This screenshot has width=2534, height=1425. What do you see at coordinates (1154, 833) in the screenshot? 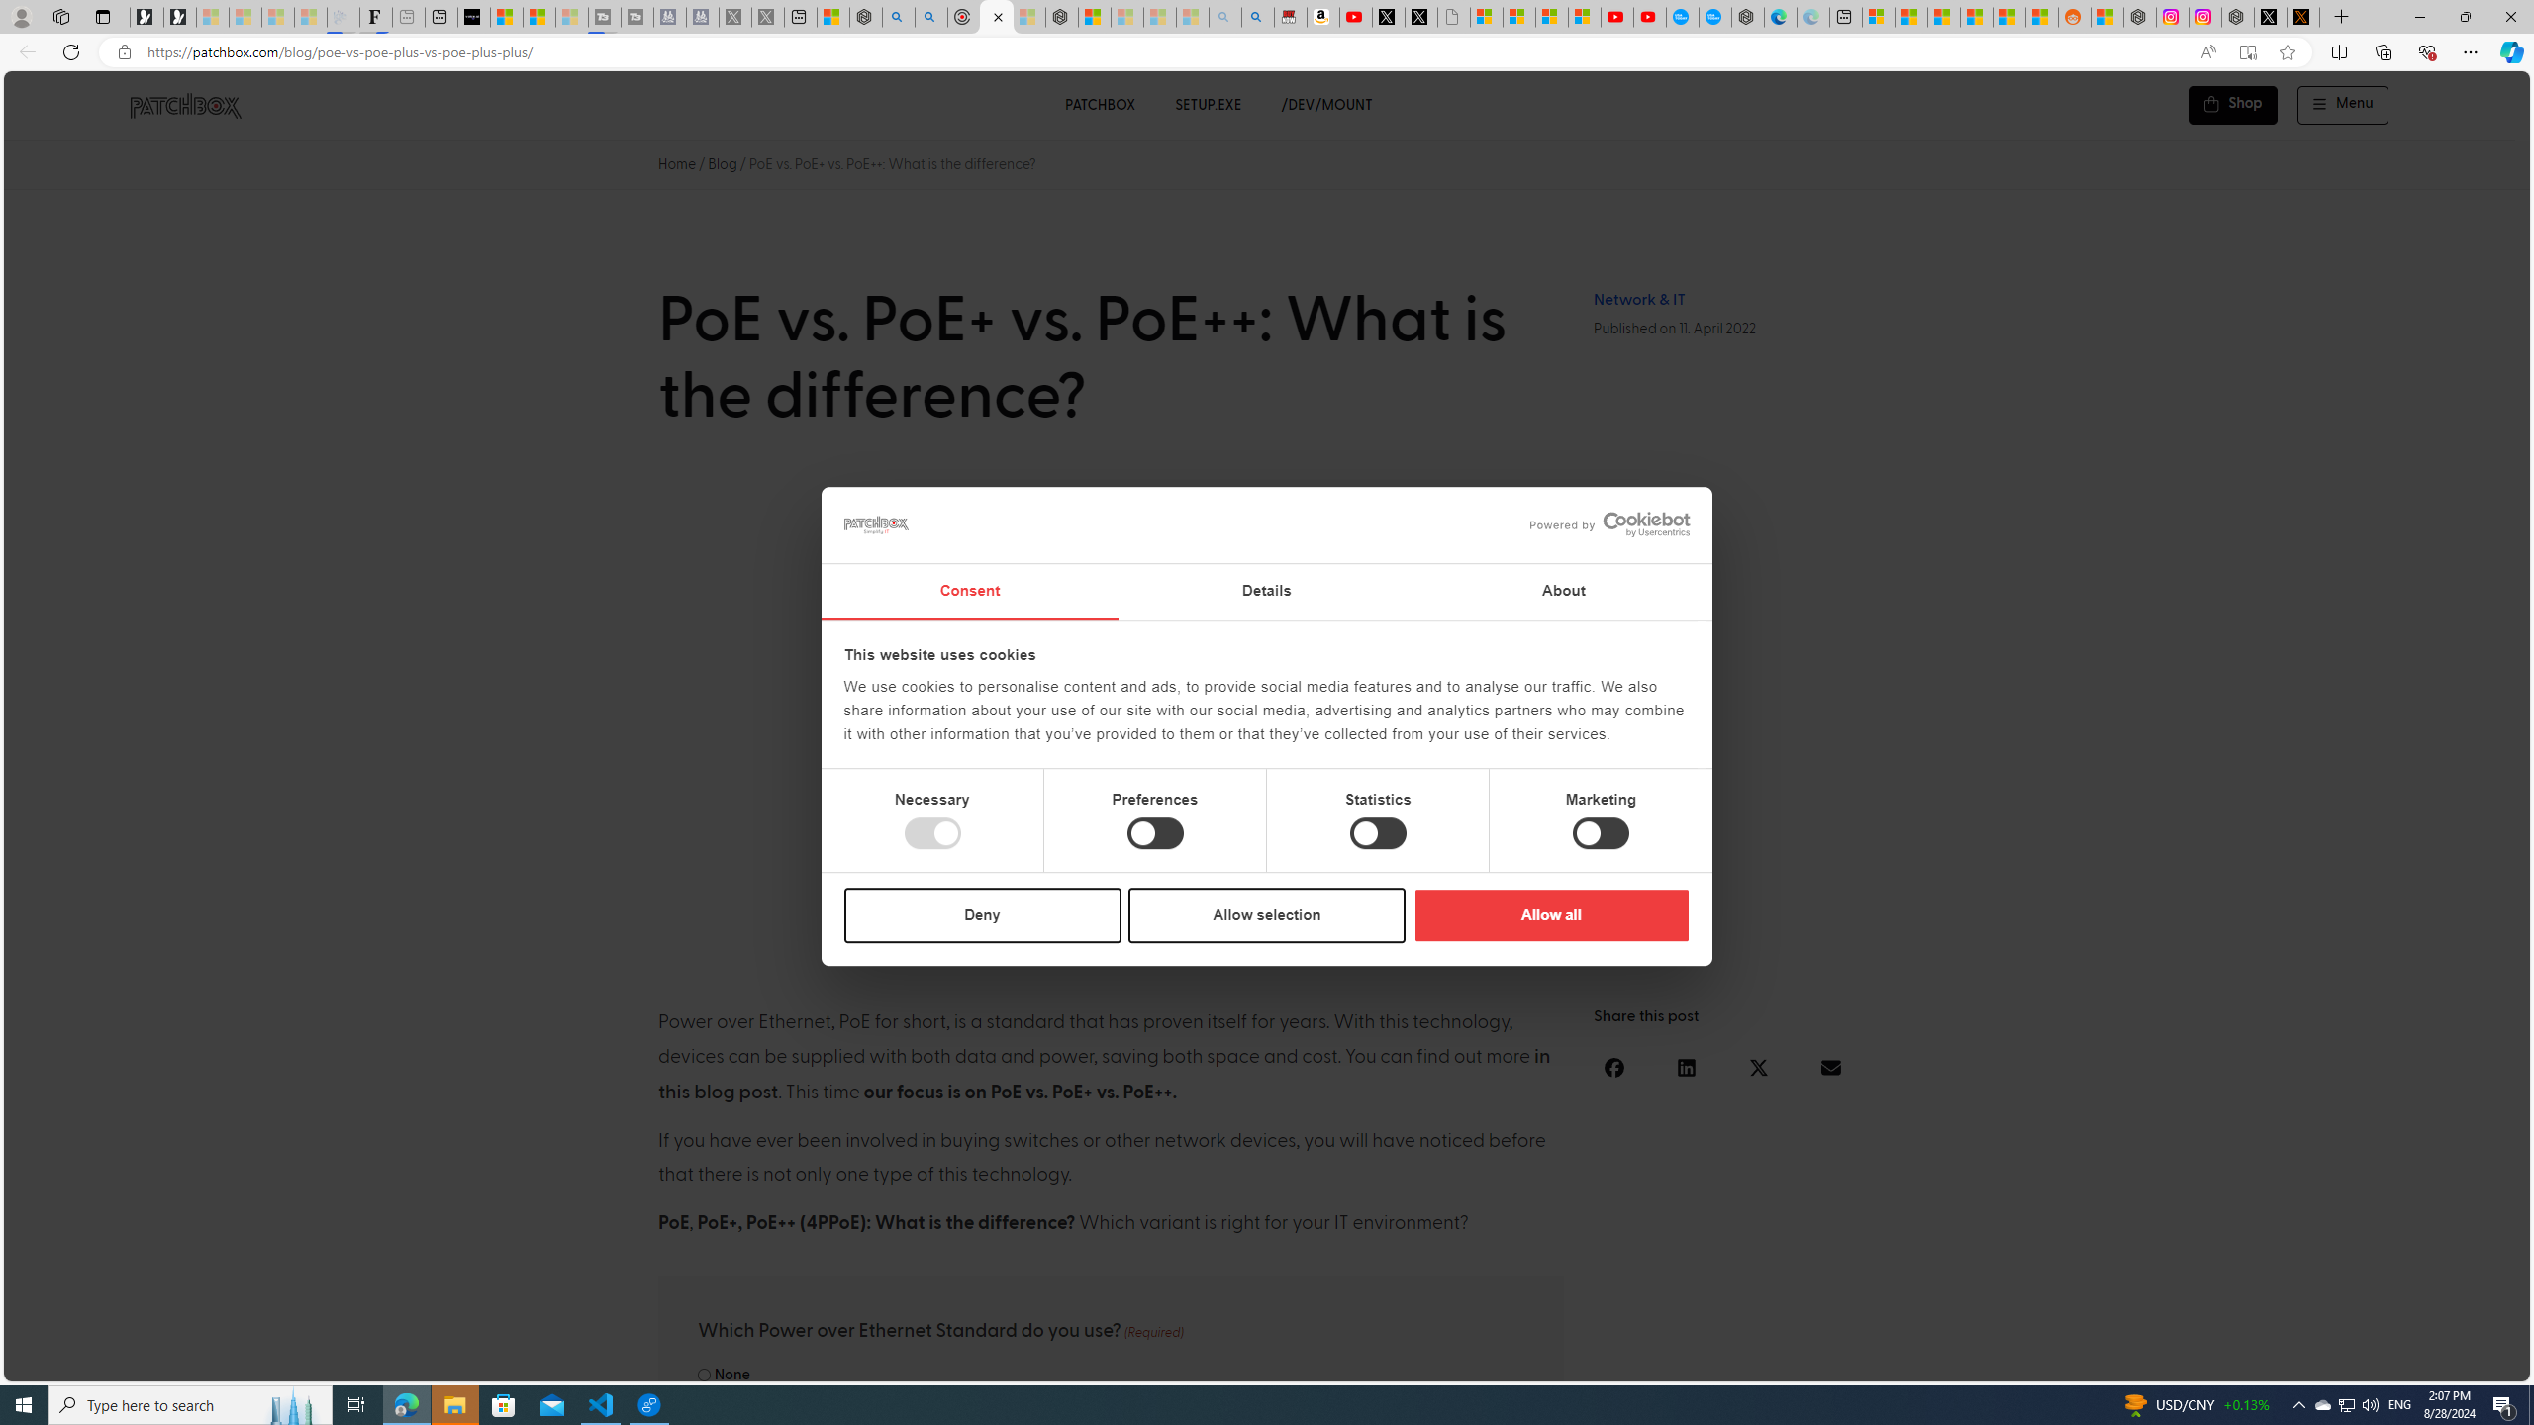
I see `'Preferences'` at bounding box center [1154, 833].